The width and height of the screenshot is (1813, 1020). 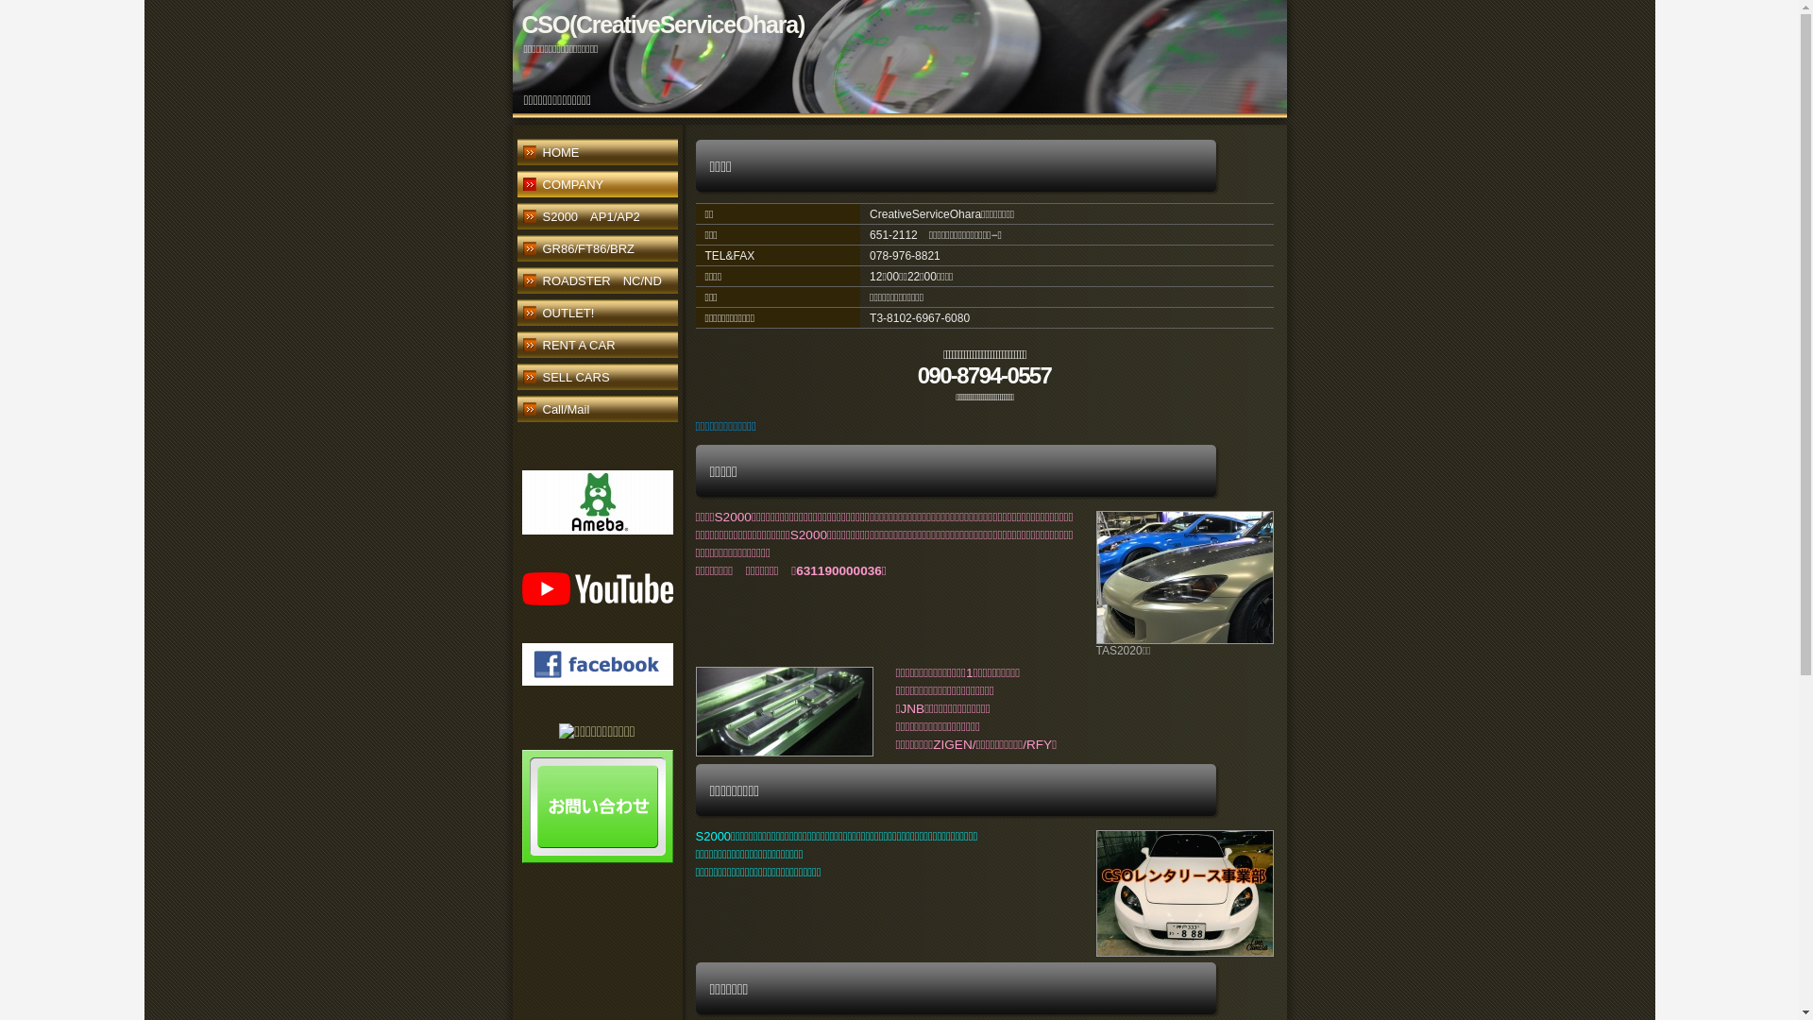 I want to click on 'COMPANY', so click(x=596, y=186).